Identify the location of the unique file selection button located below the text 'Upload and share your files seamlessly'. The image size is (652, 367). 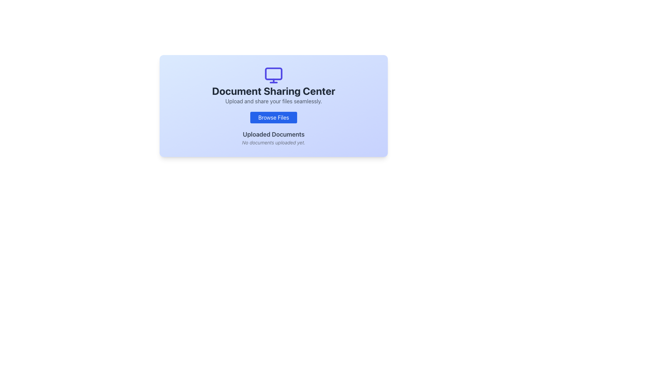
(274, 117).